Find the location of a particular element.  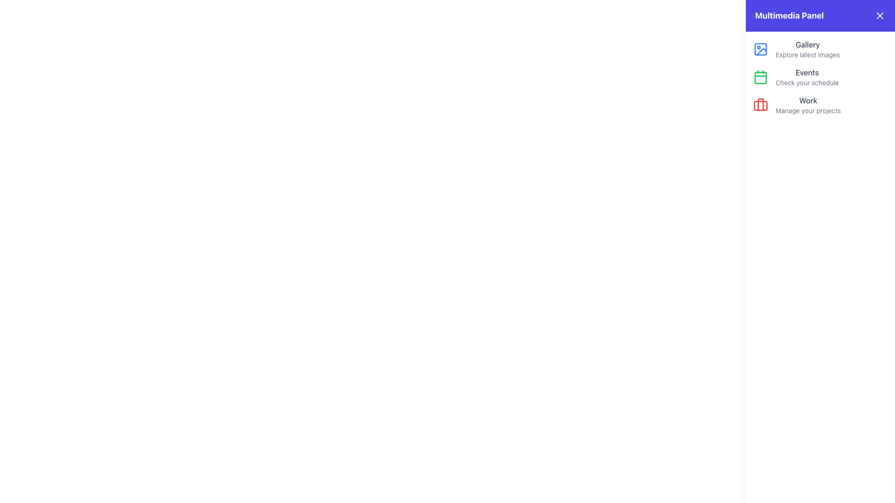

the blue picture frame icon located in the 'Gallery' section of the 'Multimedia Panel', positioned to the left of the text 'Gallery' and 'Explore latest images' is located at coordinates (761, 49).